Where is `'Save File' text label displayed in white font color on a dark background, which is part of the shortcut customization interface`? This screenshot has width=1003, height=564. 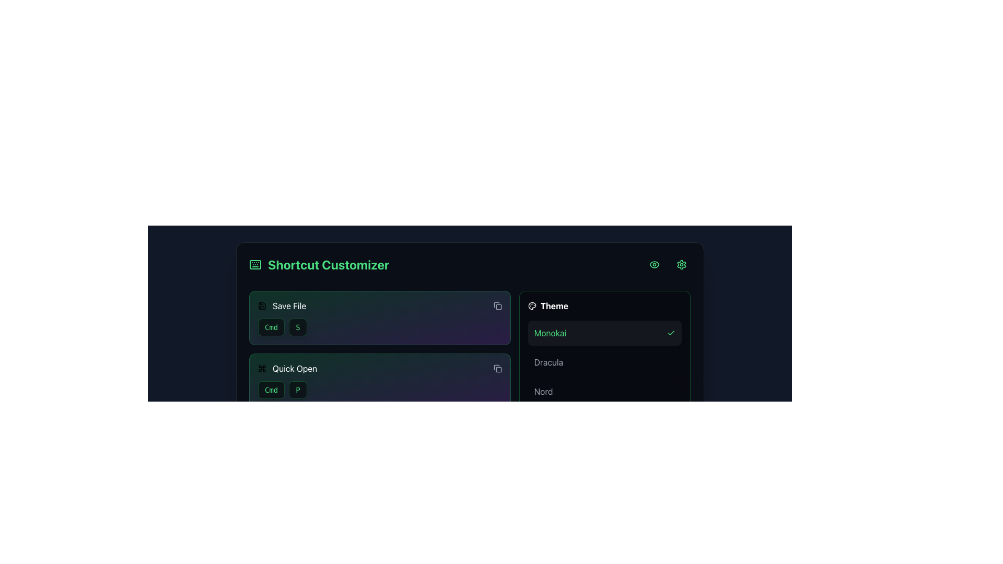
'Save File' text label displayed in white font color on a dark background, which is part of the shortcut customization interface is located at coordinates (289, 305).